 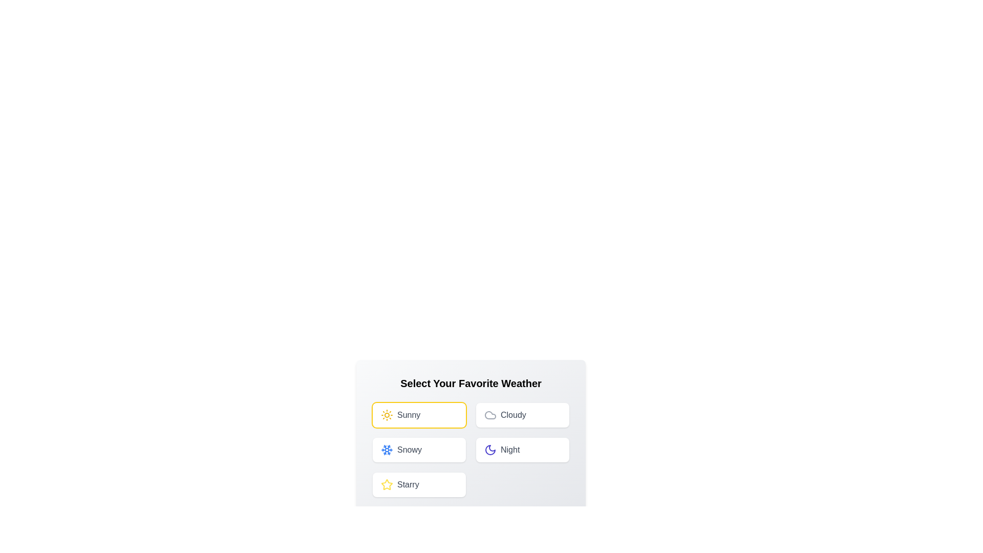 I want to click on the snowflake icon, which is styled in blue and represents snowy weather, located within the 'Snowy' weather option button, so click(x=386, y=450).